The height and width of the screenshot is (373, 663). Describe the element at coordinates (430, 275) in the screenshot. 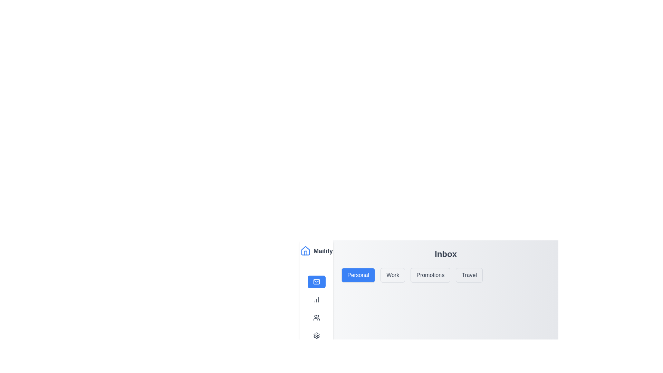

I see `the 'Promotions' button, which is a rectangular button with rounded corners, located between 'Work' and 'Travel'` at that location.